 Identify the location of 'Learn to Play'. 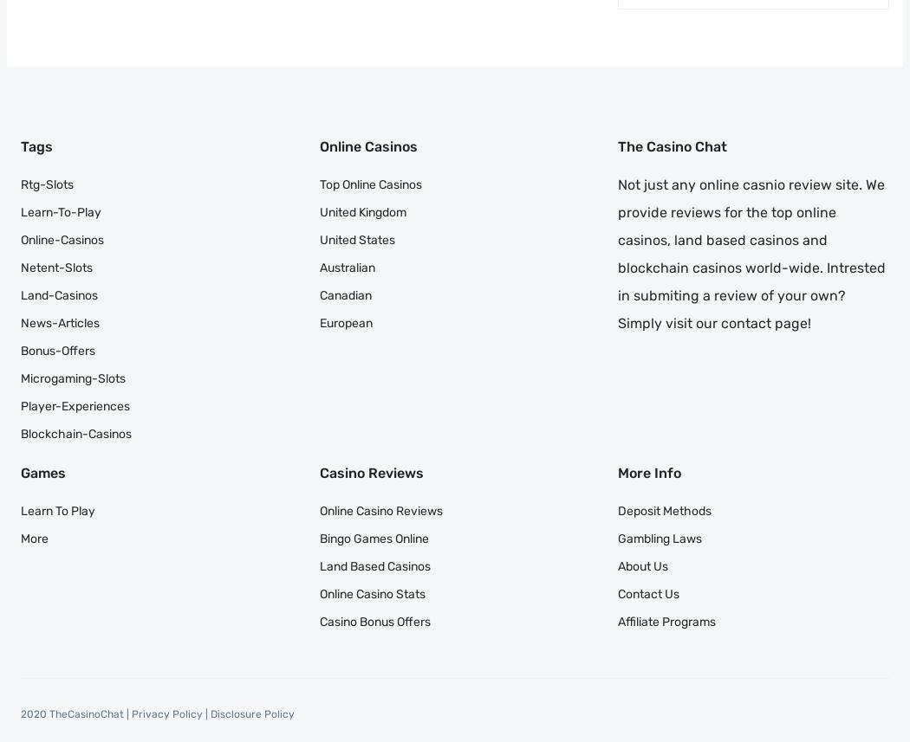
(21, 509).